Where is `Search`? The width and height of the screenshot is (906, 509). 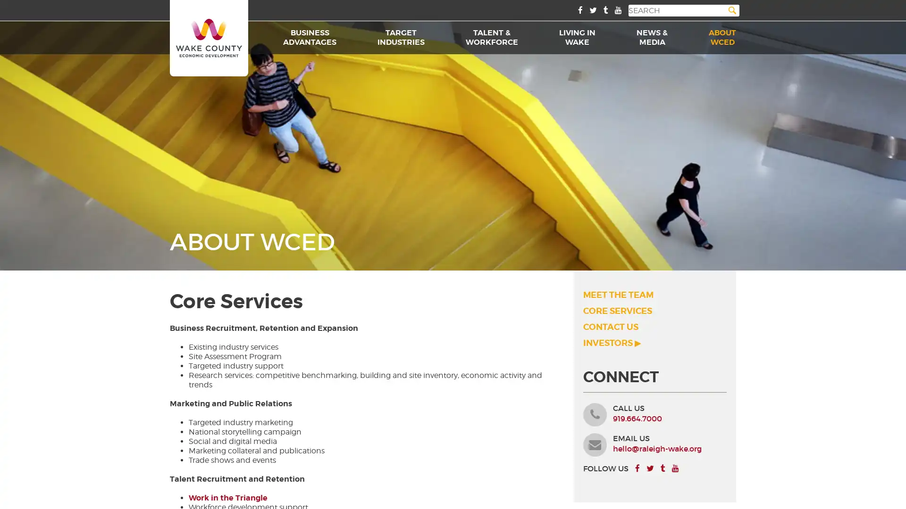 Search is located at coordinates (731, 10).